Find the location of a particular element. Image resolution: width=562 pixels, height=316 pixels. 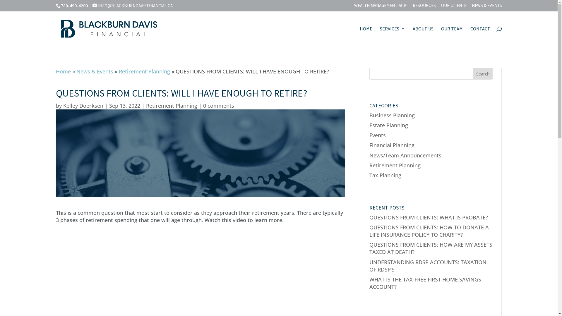

'QUESTIONS FROM CLIENTS: WHAT IS PROBATE?' is located at coordinates (429, 217).